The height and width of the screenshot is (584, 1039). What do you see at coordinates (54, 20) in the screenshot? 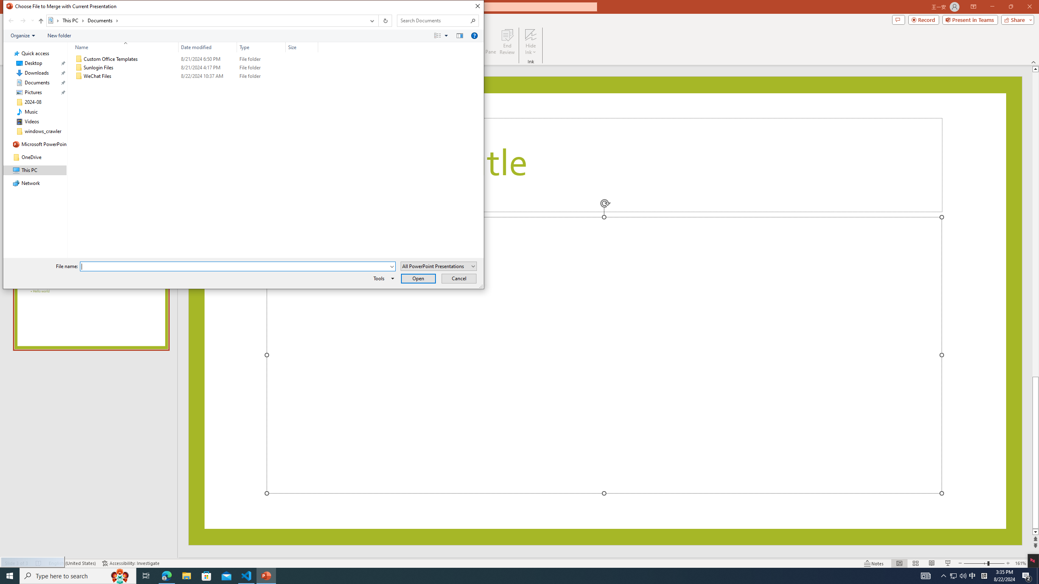
I see `'All locations'` at bounding box center [54, 20].